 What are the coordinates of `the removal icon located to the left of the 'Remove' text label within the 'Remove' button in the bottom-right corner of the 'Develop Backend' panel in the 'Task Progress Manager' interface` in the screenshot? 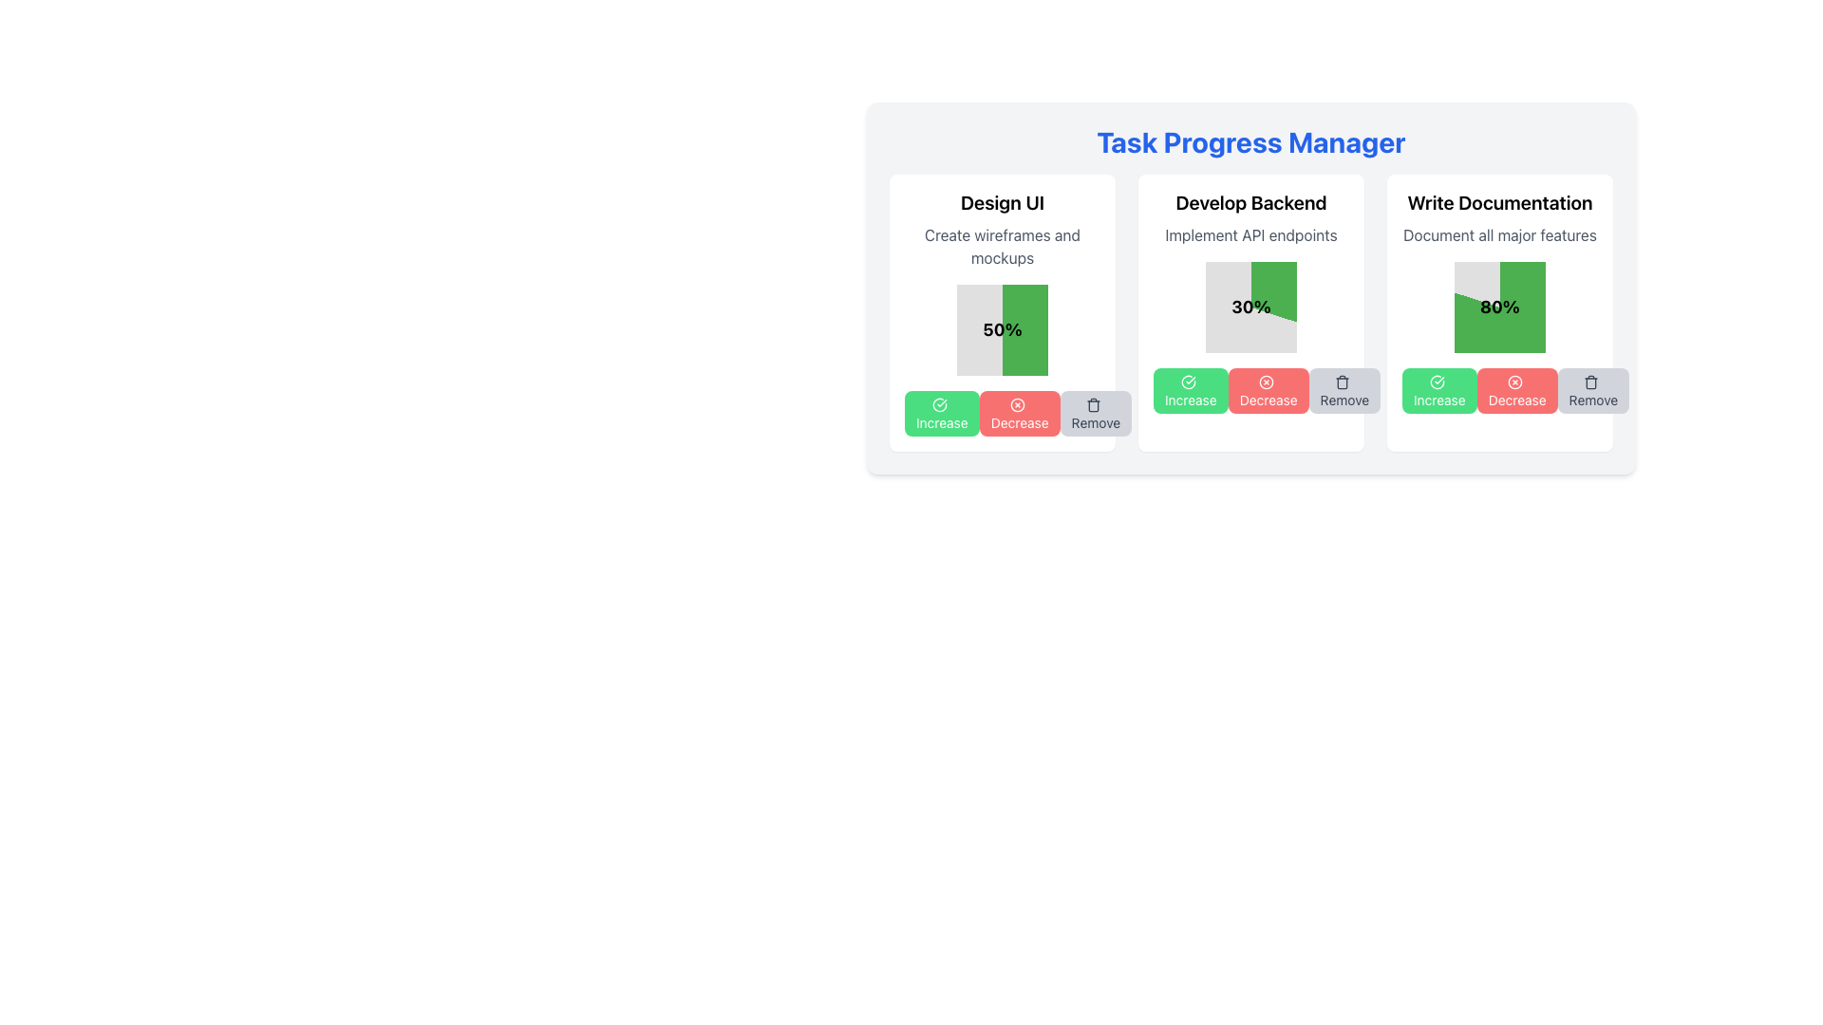 It's located at (1342, 382).